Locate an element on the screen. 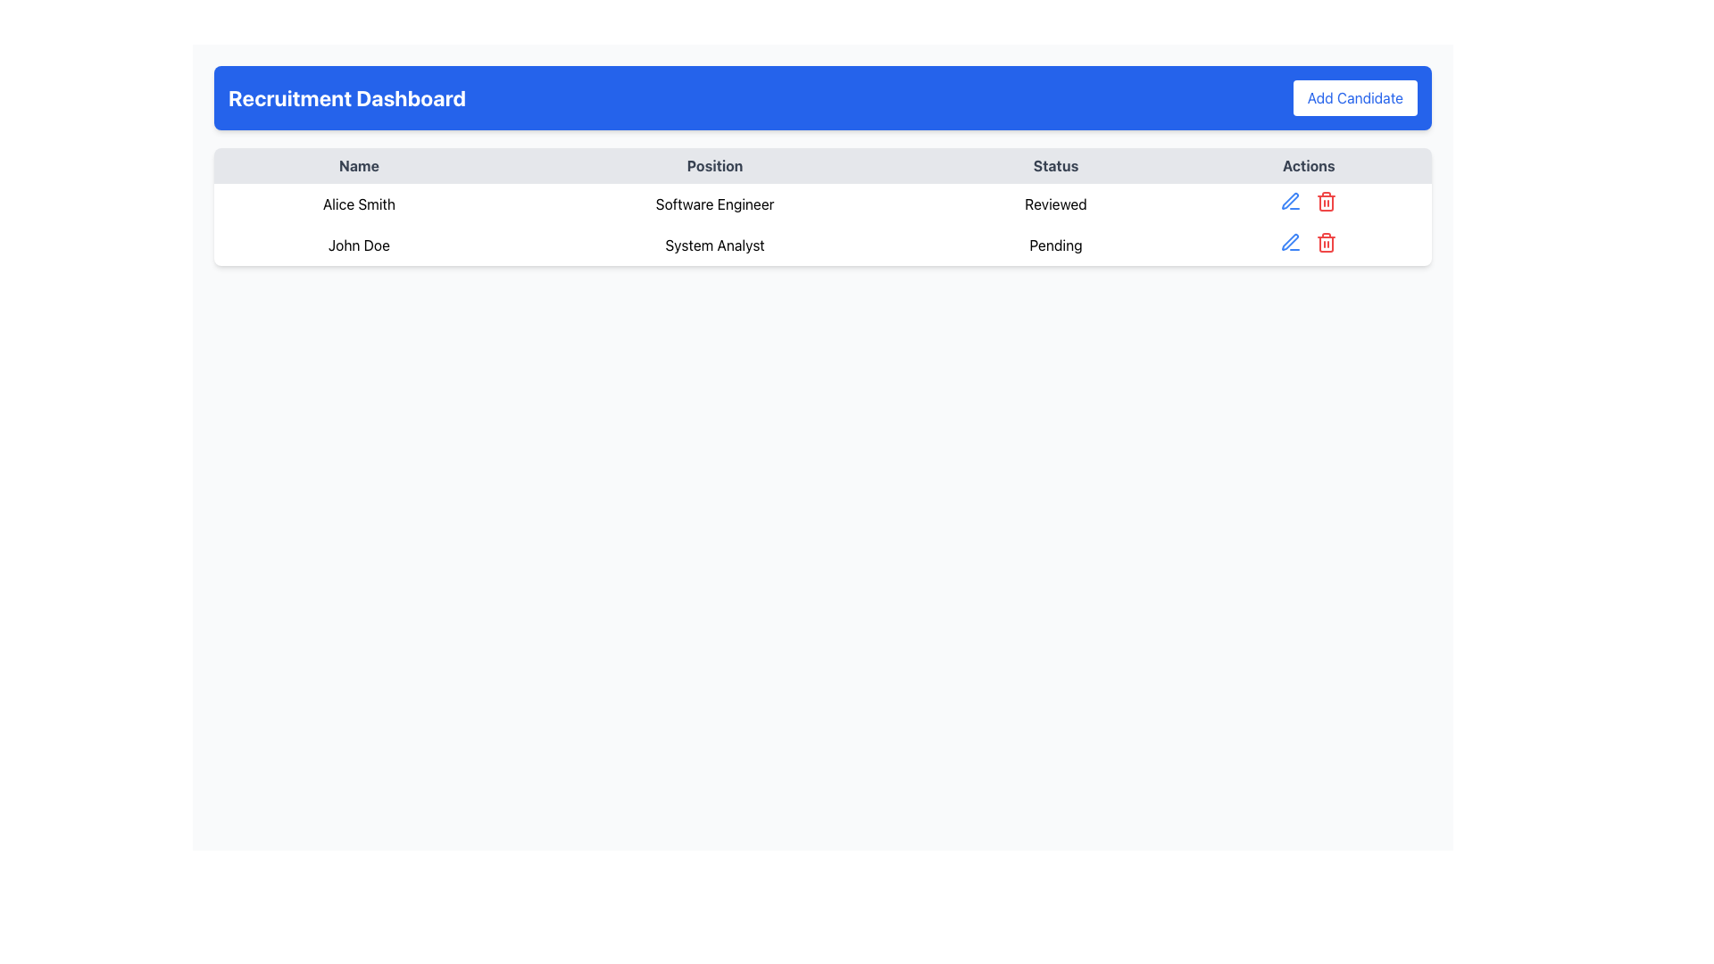  the Table Header Cell displaying the text 'Name', which is bold and centered, located at the top-left of the table header row is located at coordinates (358, 165).